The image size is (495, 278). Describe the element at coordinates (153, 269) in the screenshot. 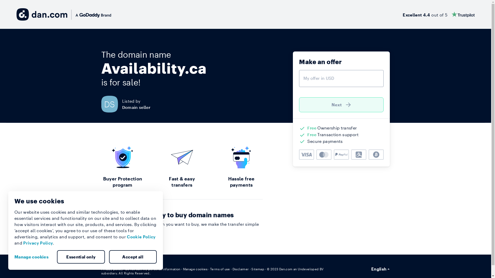

I see `'Do not sell my personal information'` at that location.